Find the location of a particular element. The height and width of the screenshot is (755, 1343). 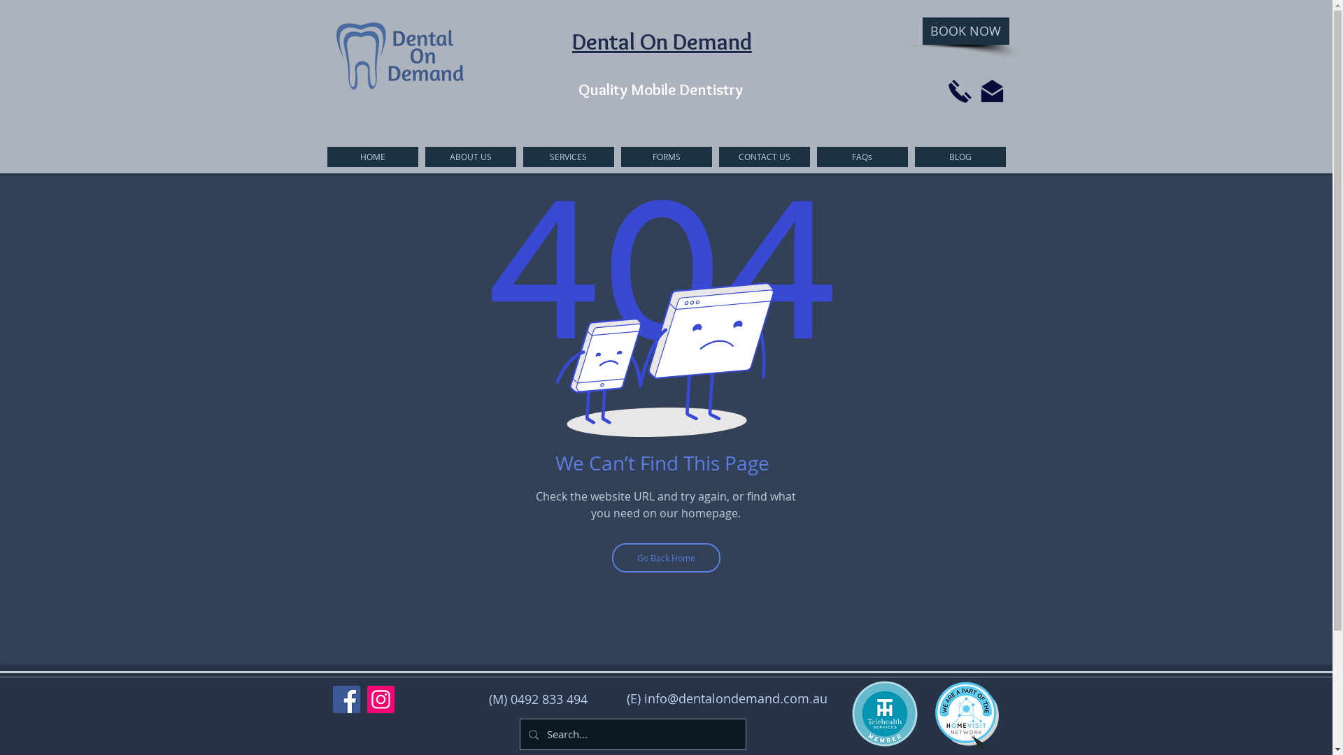

'ABOUT US' is located at coordinates (470, 157).